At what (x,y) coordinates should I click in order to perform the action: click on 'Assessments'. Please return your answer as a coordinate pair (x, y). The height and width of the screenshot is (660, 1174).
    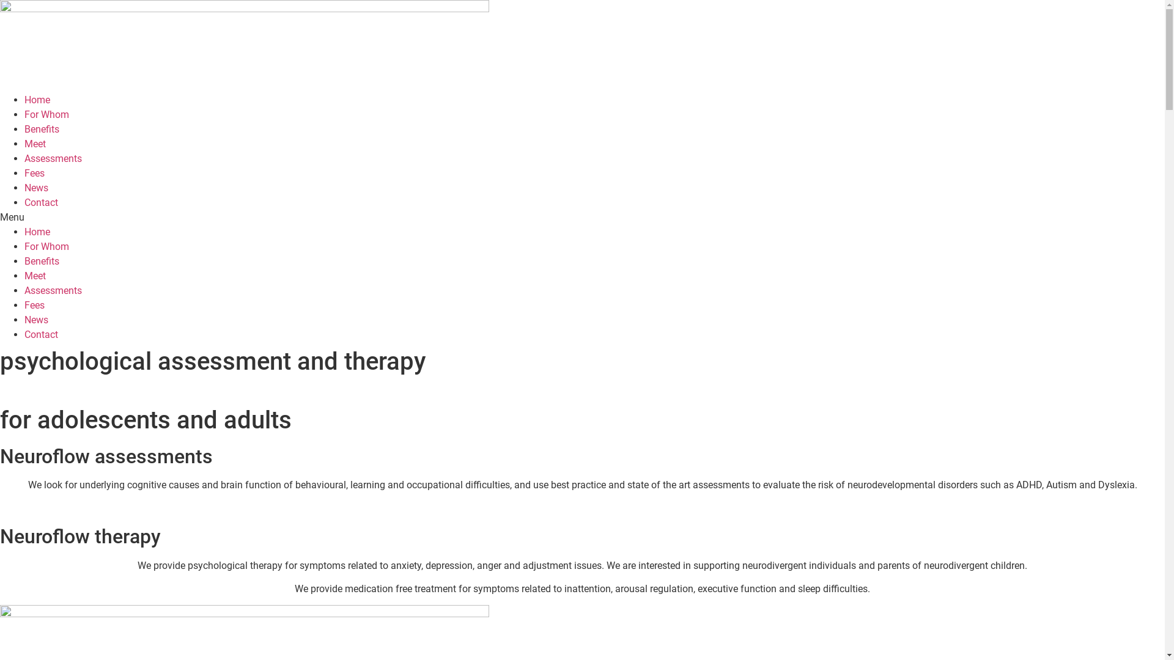
    Looking at the image, I should click on (52, 158).